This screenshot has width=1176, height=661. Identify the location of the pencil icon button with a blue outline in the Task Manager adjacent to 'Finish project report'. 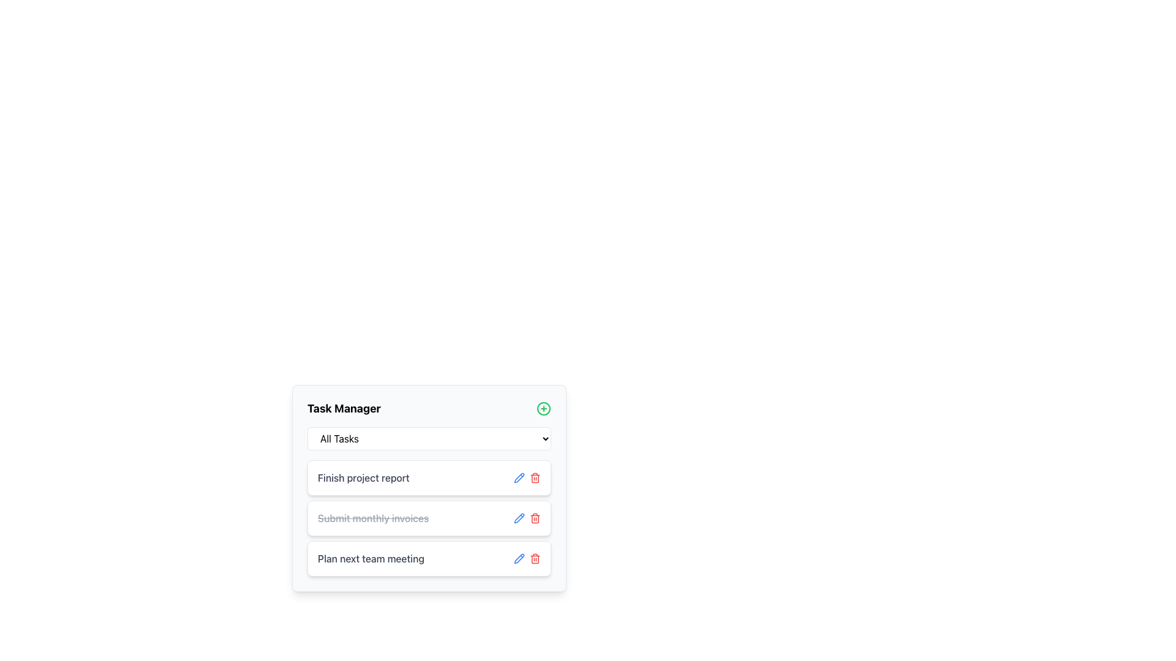
(519, 477).